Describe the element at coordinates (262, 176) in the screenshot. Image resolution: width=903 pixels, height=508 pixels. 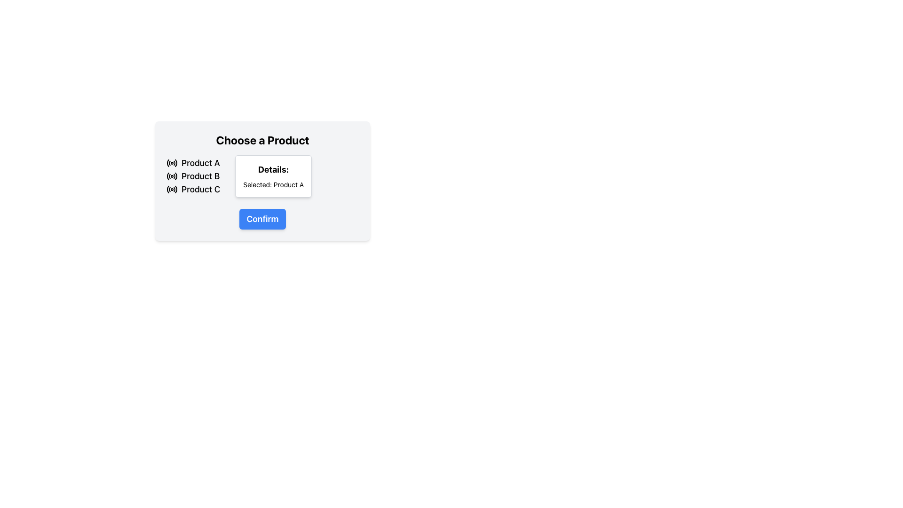
I see `displayed information from the informational display box titled 'Details' which shows 'Selected: Product A'` at that location.